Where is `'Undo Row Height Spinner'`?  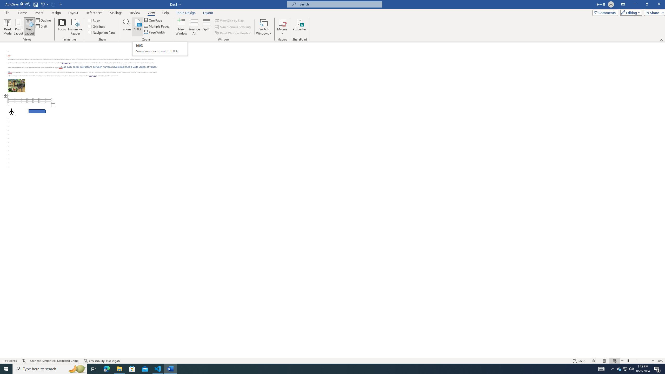 'Undo Row Height Spinner' is located at coordinates (44, 4).